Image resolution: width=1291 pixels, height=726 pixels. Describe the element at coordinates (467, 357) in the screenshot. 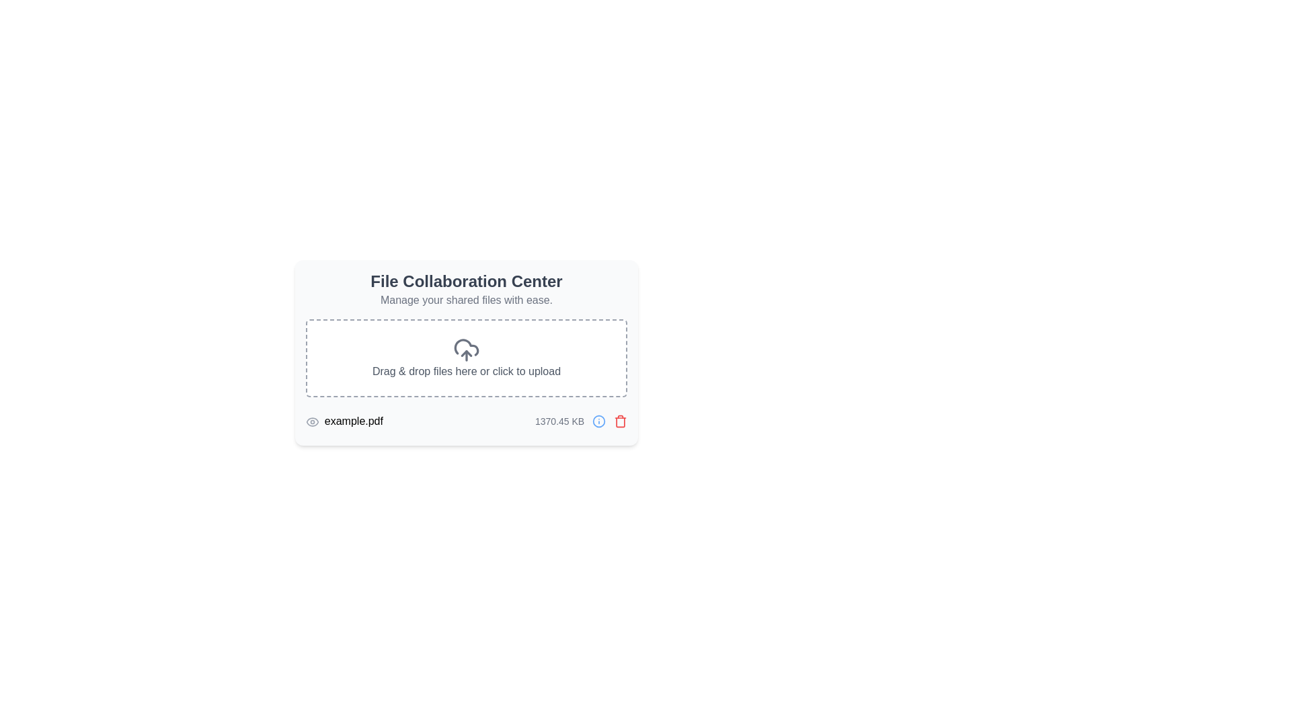

I see `files onto the drag-and-drop file upload area located centrally within the gray panel` at that location.